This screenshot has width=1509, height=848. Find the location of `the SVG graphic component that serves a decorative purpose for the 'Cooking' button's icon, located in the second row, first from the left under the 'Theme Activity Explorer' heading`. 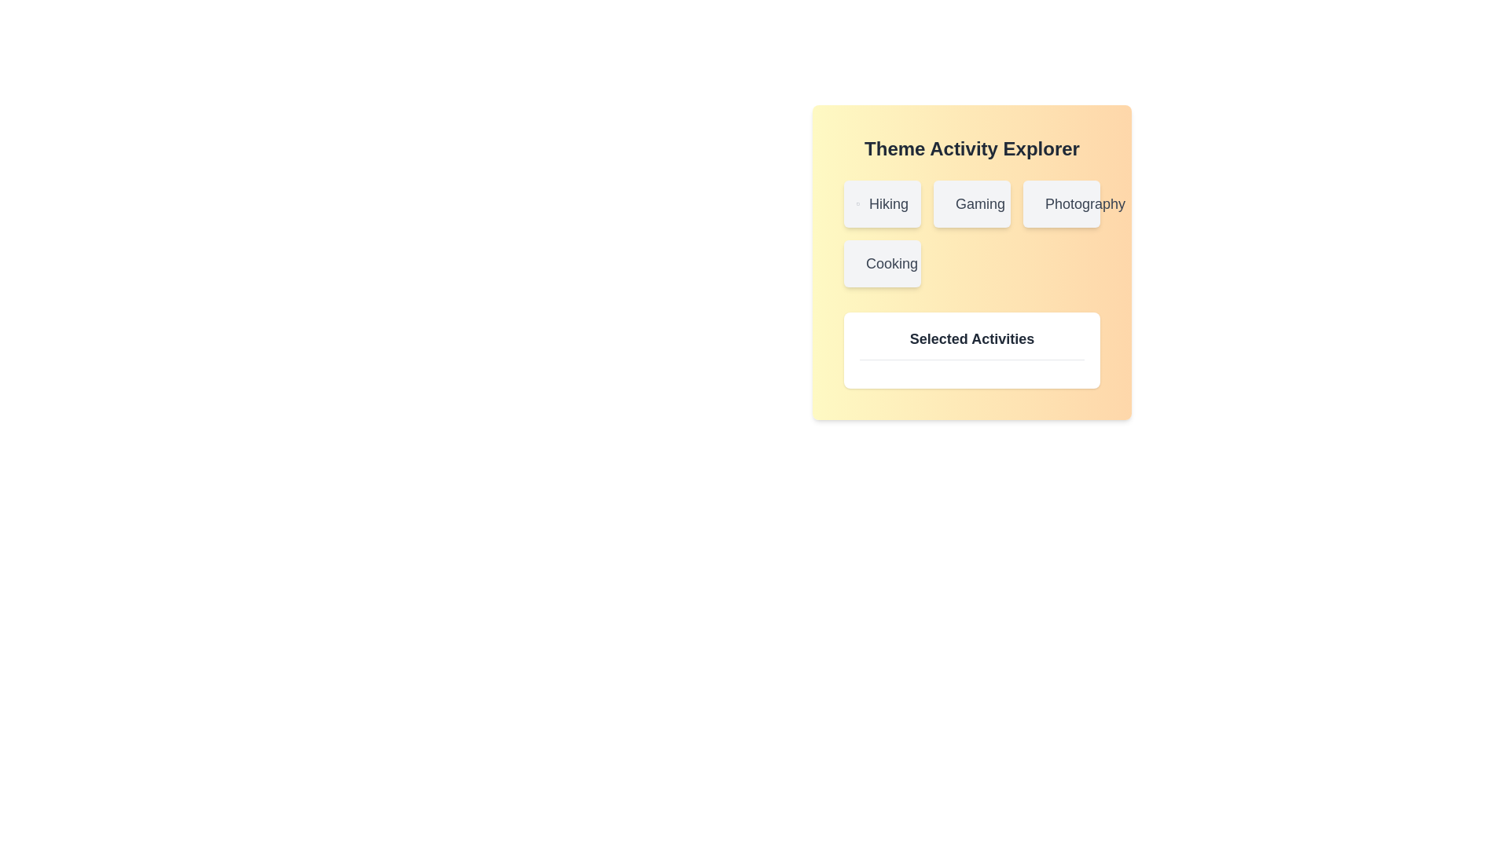

the SVG graphic component that serves a decorative purpose for the 'Cooking' button's icon, located in the second row, first from the left under the 'Theme Activity Explorer' heading is located at coordinates (865, 262).